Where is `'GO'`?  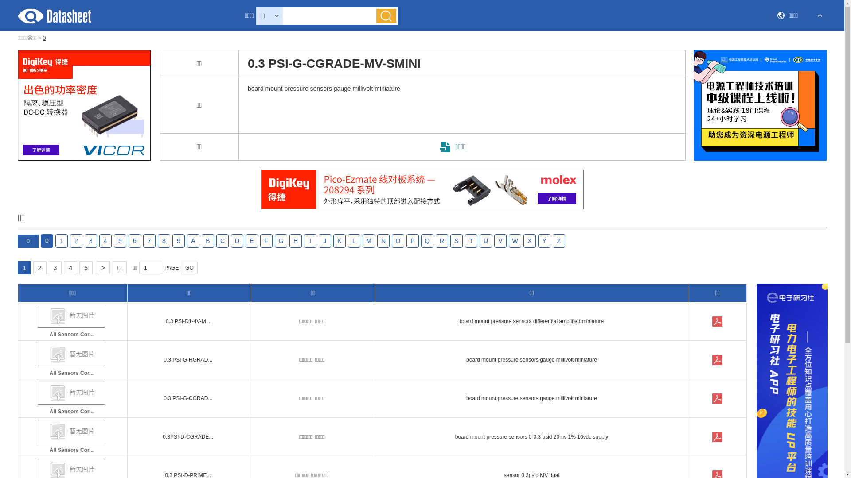 'GO' is located at coordinates (189, 267).